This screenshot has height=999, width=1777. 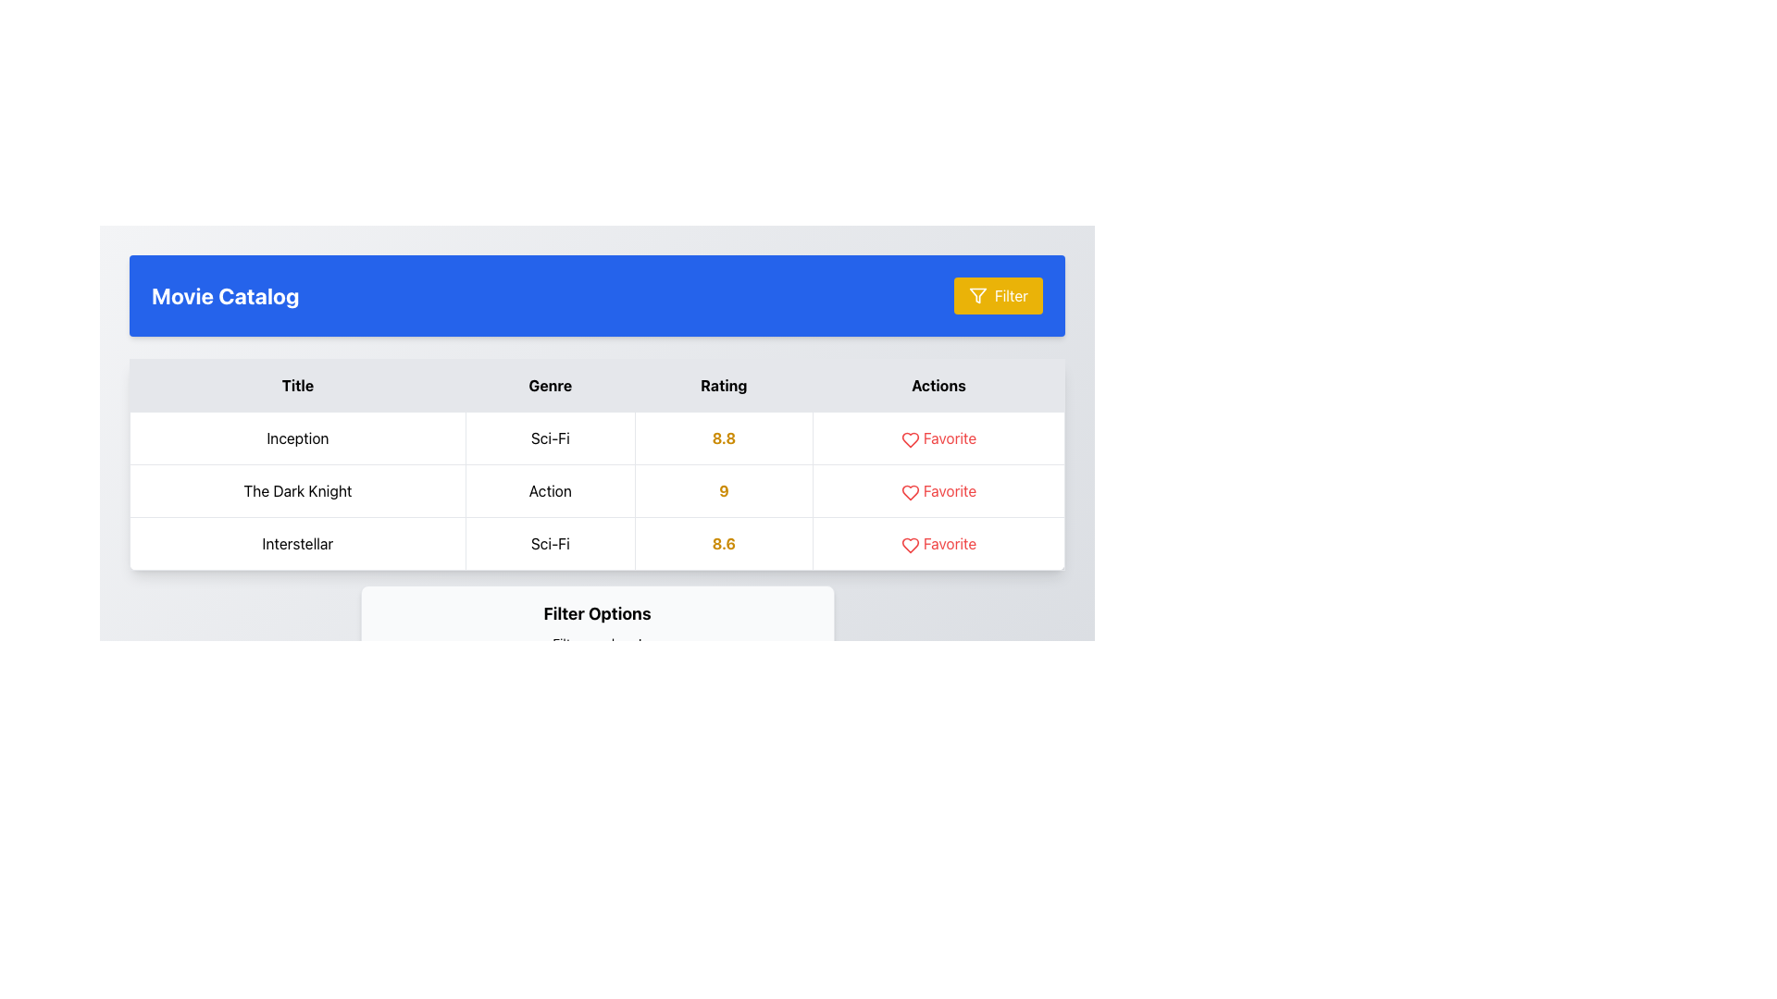 What do you see at coordinates (938, 542) in the screenshot?
I see `the 'Favorite' button for the movie 'Interstellar', which is the third button in the 'Actions' column of the table` at bounding box center [938, 542].